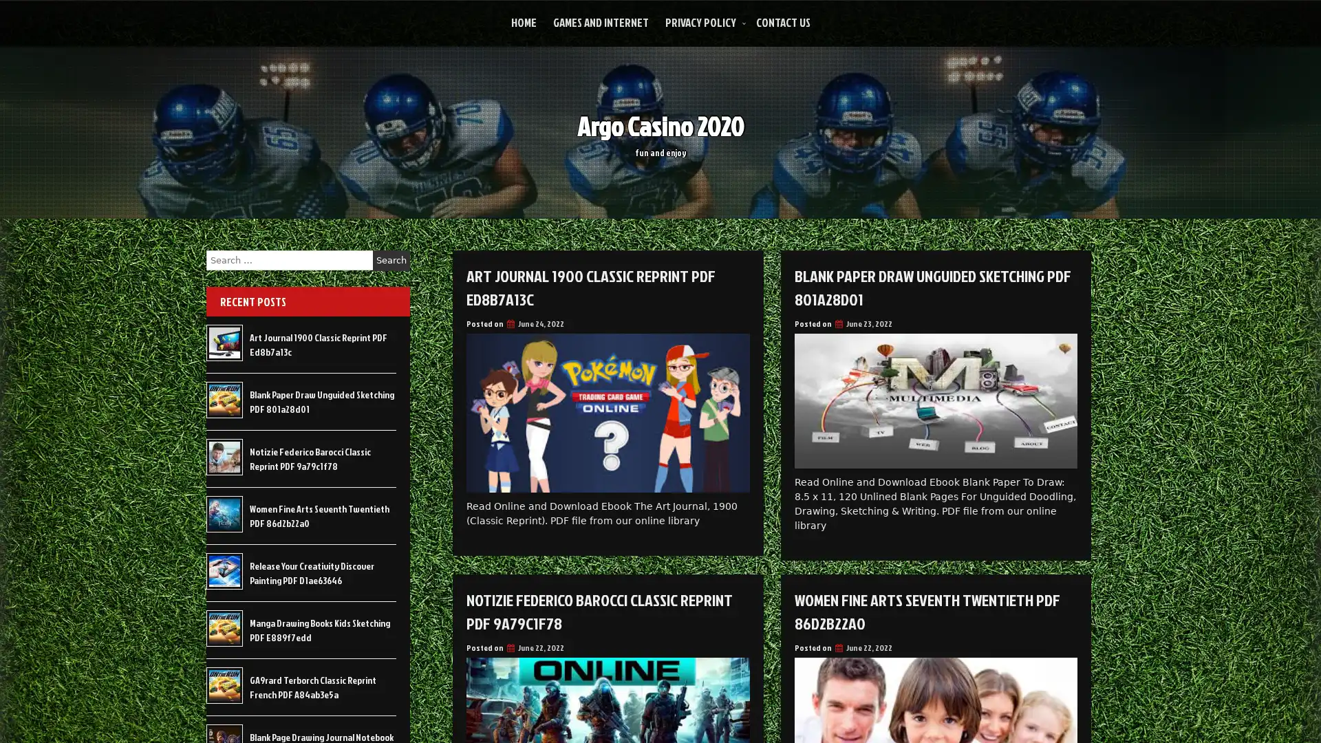 Image resolution: width=1321 pixels, height=743 pixels. What do you see at coordinates (391, 260) in the screenshot?
I see `Search` at bounding box center [391, 260].